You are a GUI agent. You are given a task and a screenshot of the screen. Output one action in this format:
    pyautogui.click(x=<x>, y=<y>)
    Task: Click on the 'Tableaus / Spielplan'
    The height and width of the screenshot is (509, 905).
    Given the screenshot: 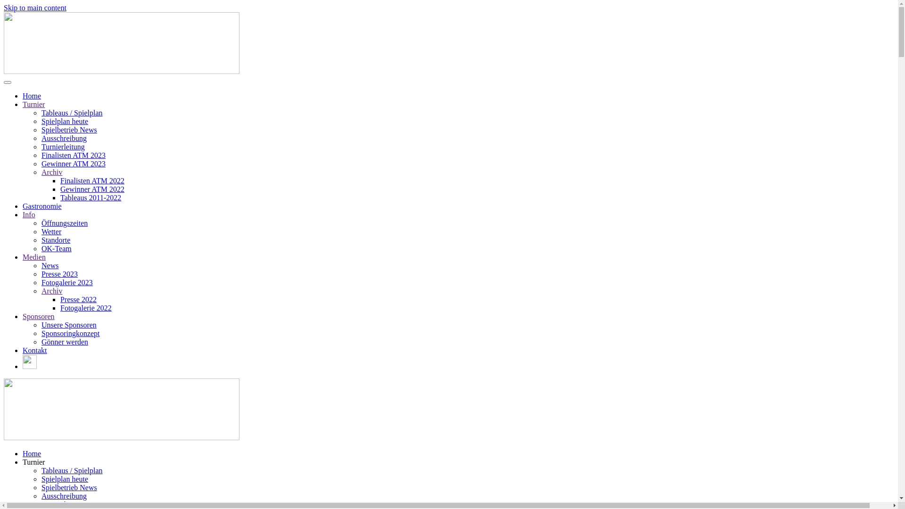 What is the action you would take?
    pyautogui.click(x=72, y=470)
    